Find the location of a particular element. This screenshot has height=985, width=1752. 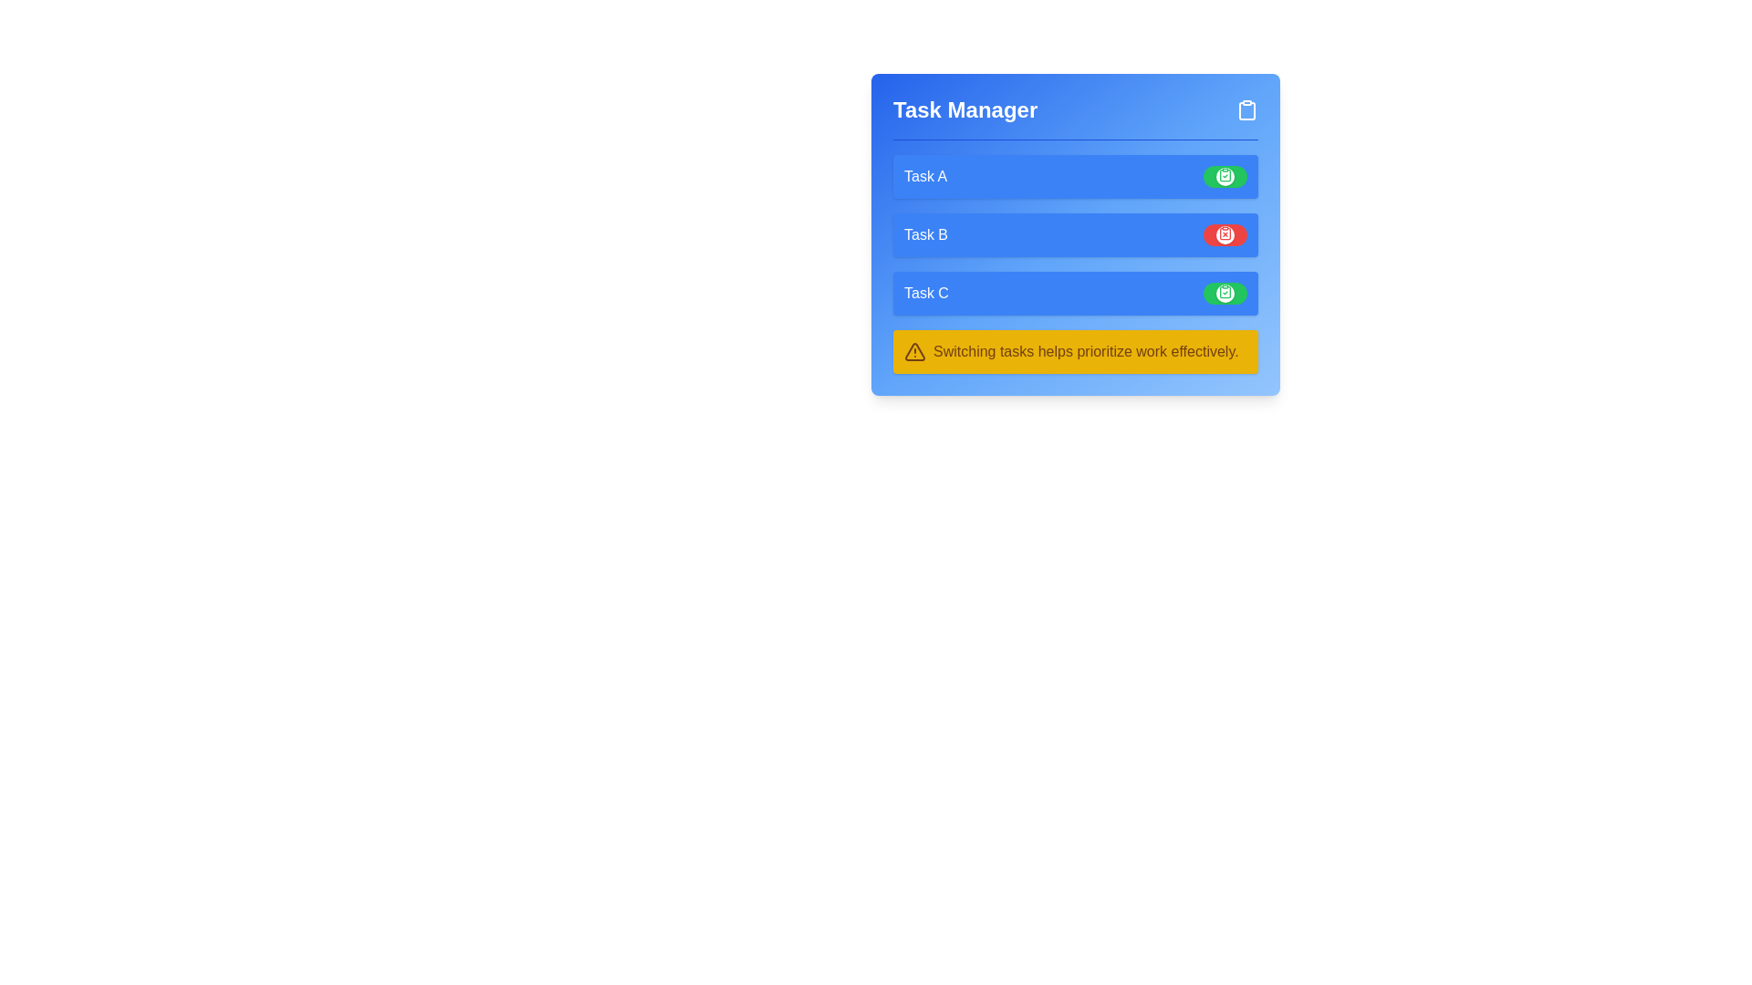

the white circular toggle handle within its red rectangular background in the Task Manager section is located at coordinates (1225, 234).